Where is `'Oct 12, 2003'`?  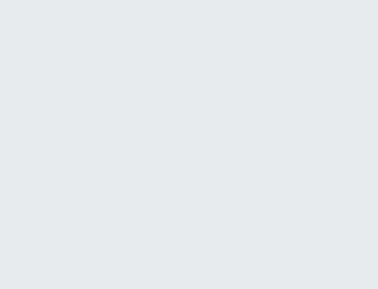
'Oct 12, 2003' is located at coordinates (22, 122).